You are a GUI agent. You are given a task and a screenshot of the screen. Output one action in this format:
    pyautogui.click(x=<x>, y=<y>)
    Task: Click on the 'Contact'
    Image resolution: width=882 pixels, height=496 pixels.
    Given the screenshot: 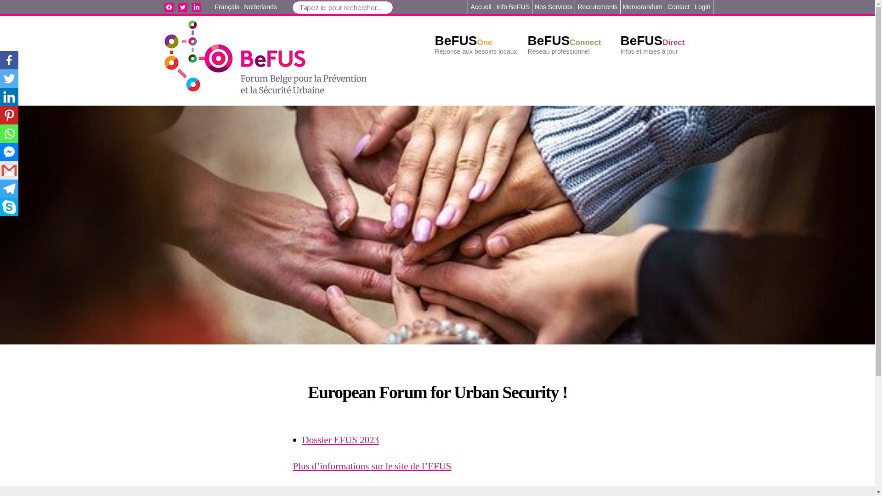 What is the action you would take?
    pyautogui.click(x=667, y=7)
    